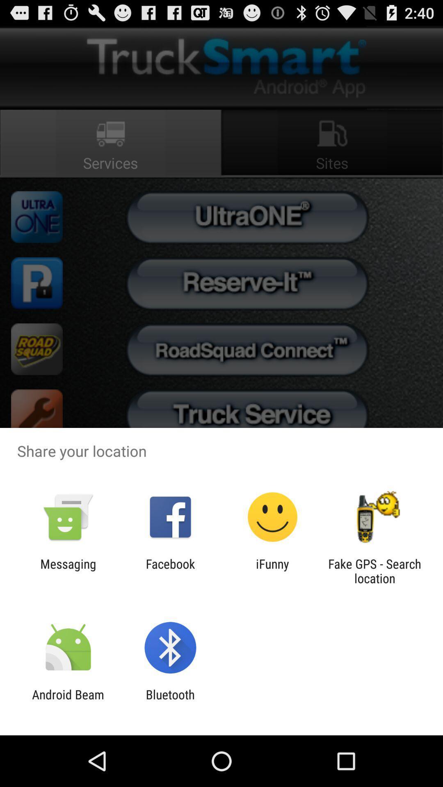 Image resolution: width=443 pixels, height=787 pixels. I want to click on the android beam item, so click(68, 701).